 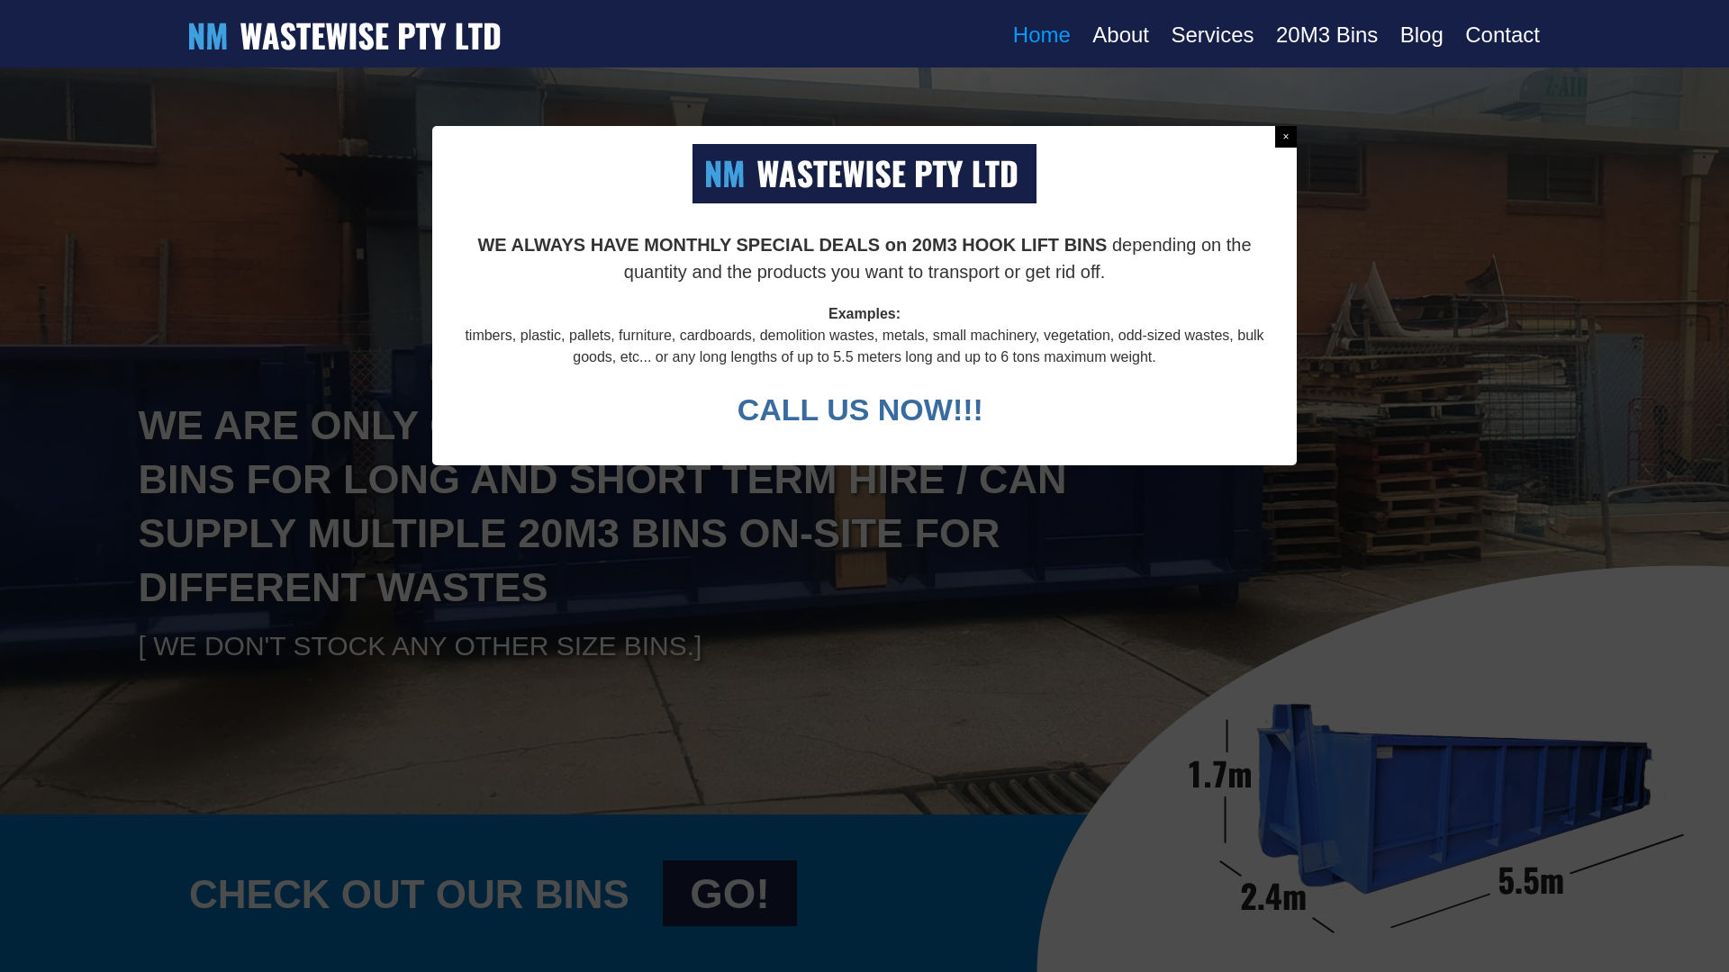 I want to click on '20M3 Bins', so click(x=1326, y=34).